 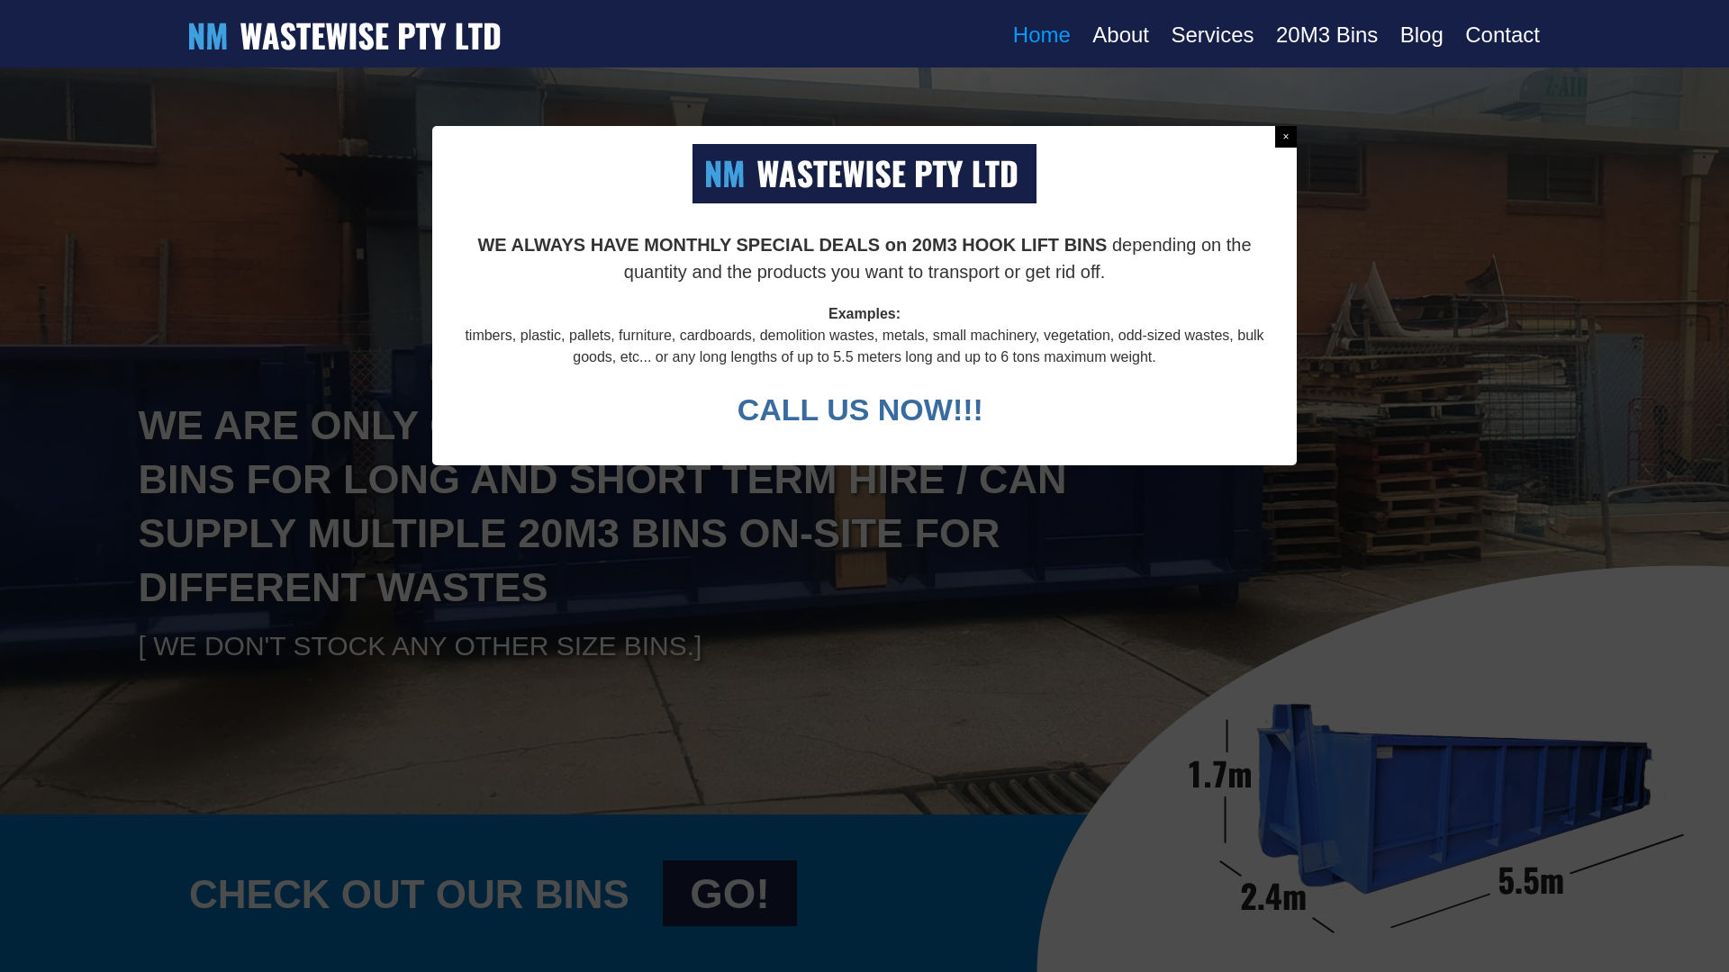 I want to click on '20M3 Bins', so click(x=1326, y=34).